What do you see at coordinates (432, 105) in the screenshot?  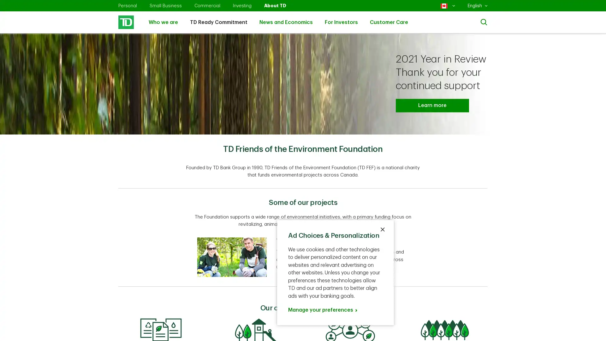 I see `Learn more` at bounding box center [432, 105].